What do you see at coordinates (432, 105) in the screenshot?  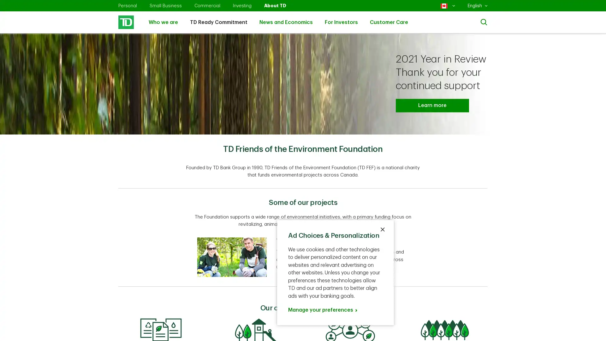 I see `Learn more` at bounding box center [432, 105].